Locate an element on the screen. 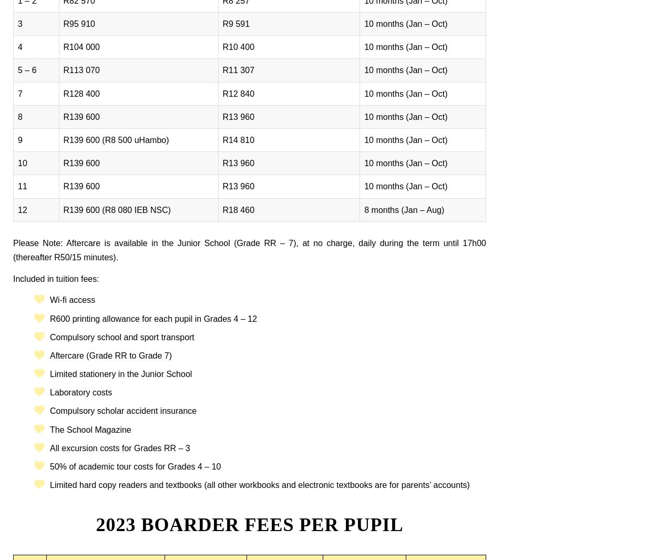 The height and width of the screenshot is (560, 657). '4' is located at coordinates (20, 46).